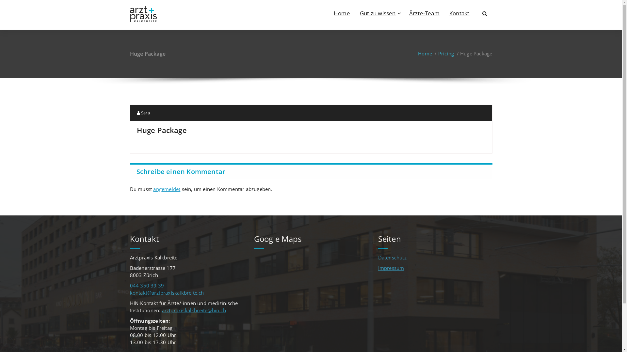 Image resolution: width=627 pixels, height=352 pixels. What do you see at coordinates (130, 292) in the screenshot?
I see `'kontakt@arztpraxiskalkbreite.ch'` at bounding box center [130, 292].